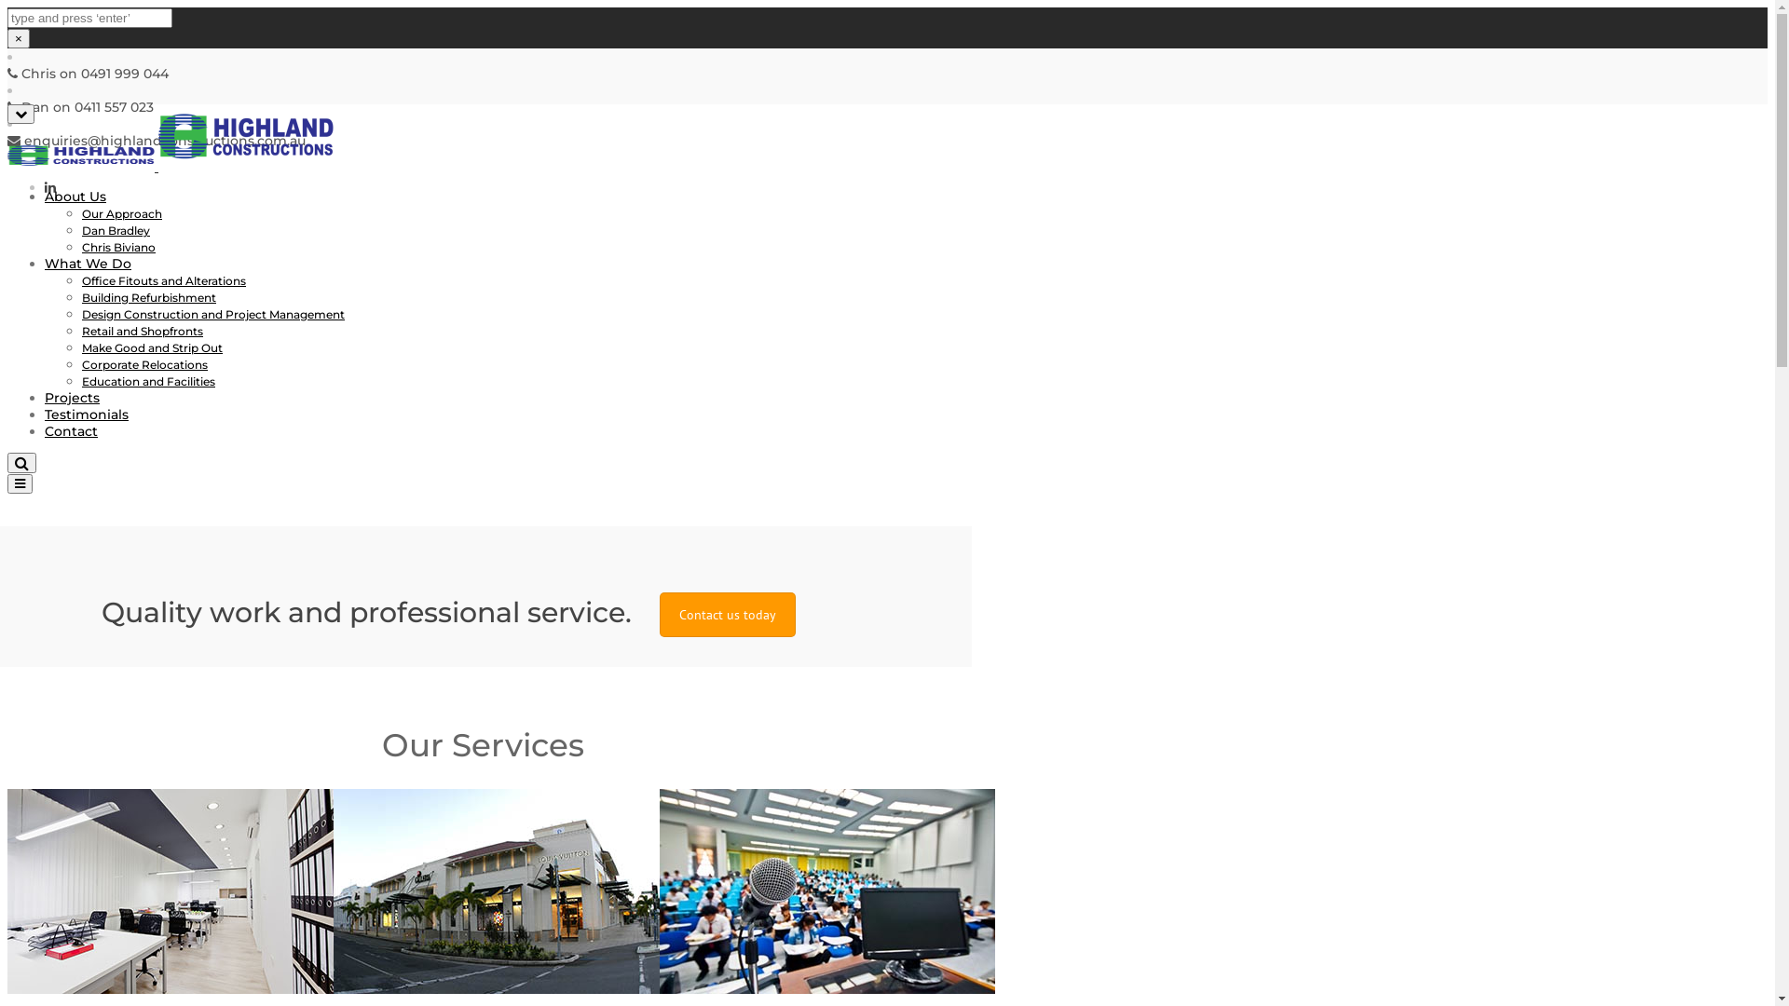 The height and width of the screenshot is (1006, 1789). I want to click on 'Contact', so click(71, 430).